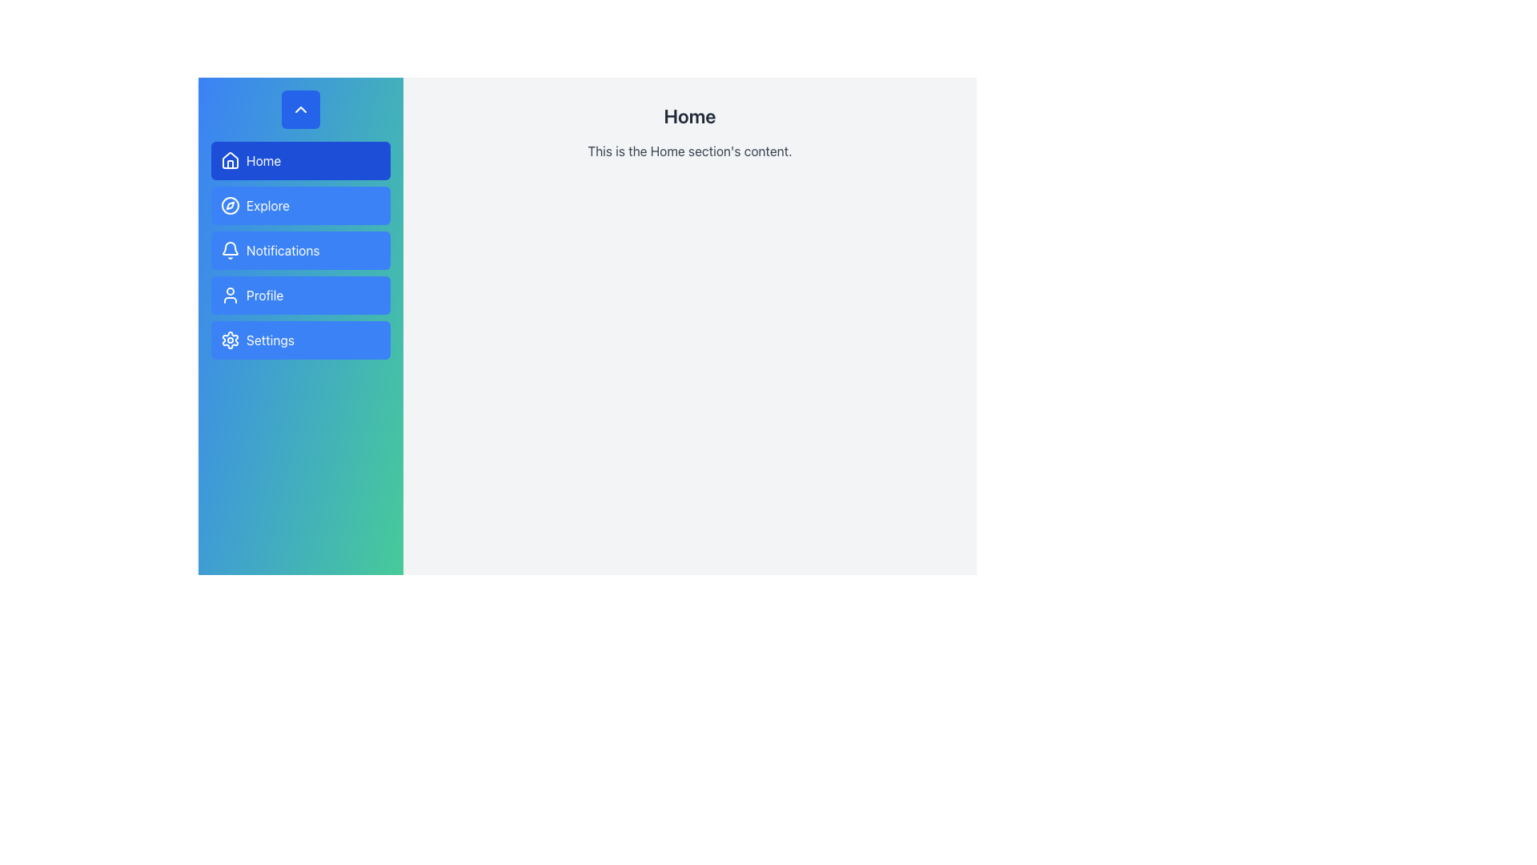 The height and width of the screenshot is (865, 1537). What do you see at coordinates (300, 109) in the screenshot?
I see `the blue rounded rectangular button with a white upward arrow icon located at the top left of the sidebar section` at bounding box center [300, 109].